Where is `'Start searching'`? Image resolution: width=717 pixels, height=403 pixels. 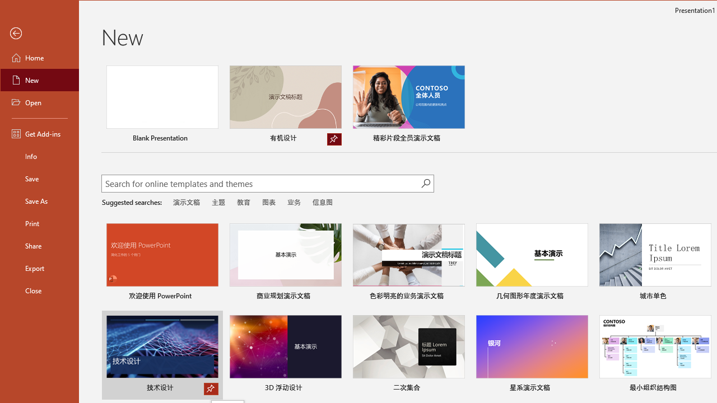 'Start searching' is located at coordinates (425, 182).